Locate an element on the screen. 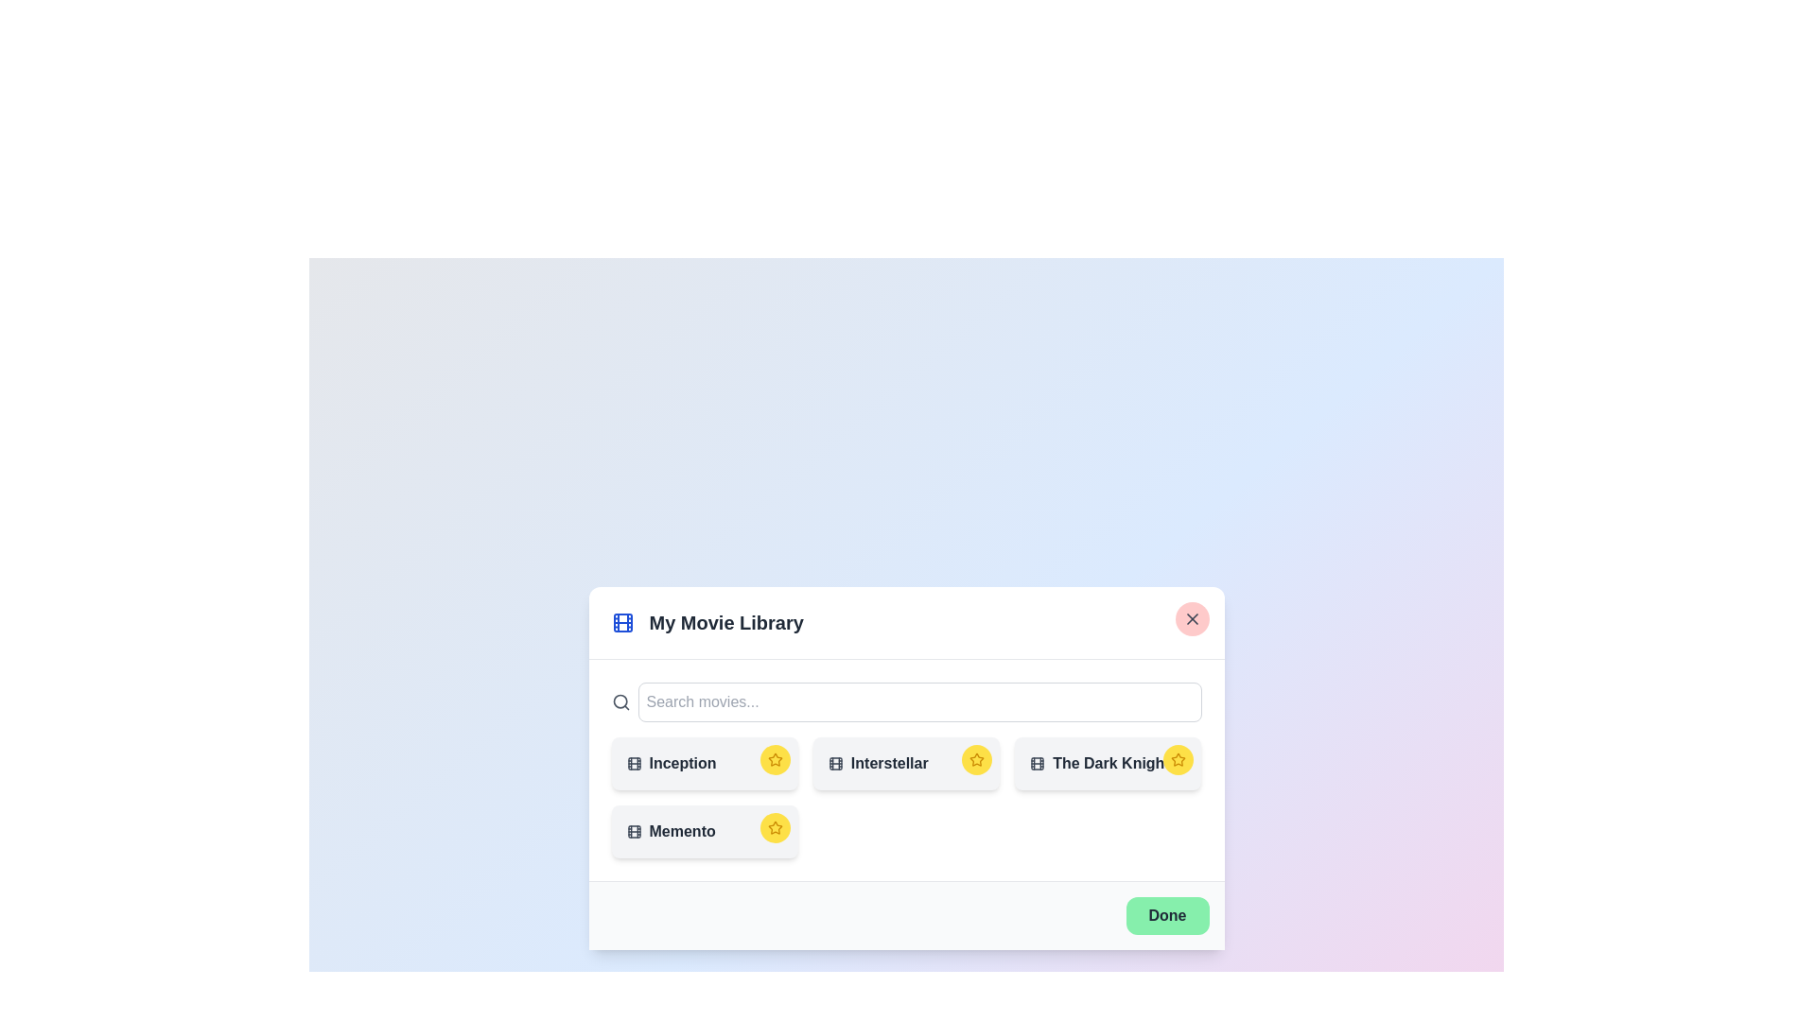 The width and height of the screenshot is (1816, 1021). text content of the label that displays 'Inception', styled in bold dark gray font, located centrally in the movie title list is located at coordinates (704, 762).